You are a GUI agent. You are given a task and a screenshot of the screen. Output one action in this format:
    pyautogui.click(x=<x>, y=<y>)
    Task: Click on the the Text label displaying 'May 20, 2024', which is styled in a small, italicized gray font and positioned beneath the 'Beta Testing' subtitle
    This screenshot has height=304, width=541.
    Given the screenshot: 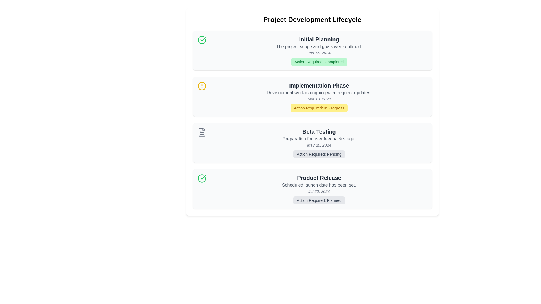 What is the action you would take?
    pyautogui.click(x=319, y=145)
    